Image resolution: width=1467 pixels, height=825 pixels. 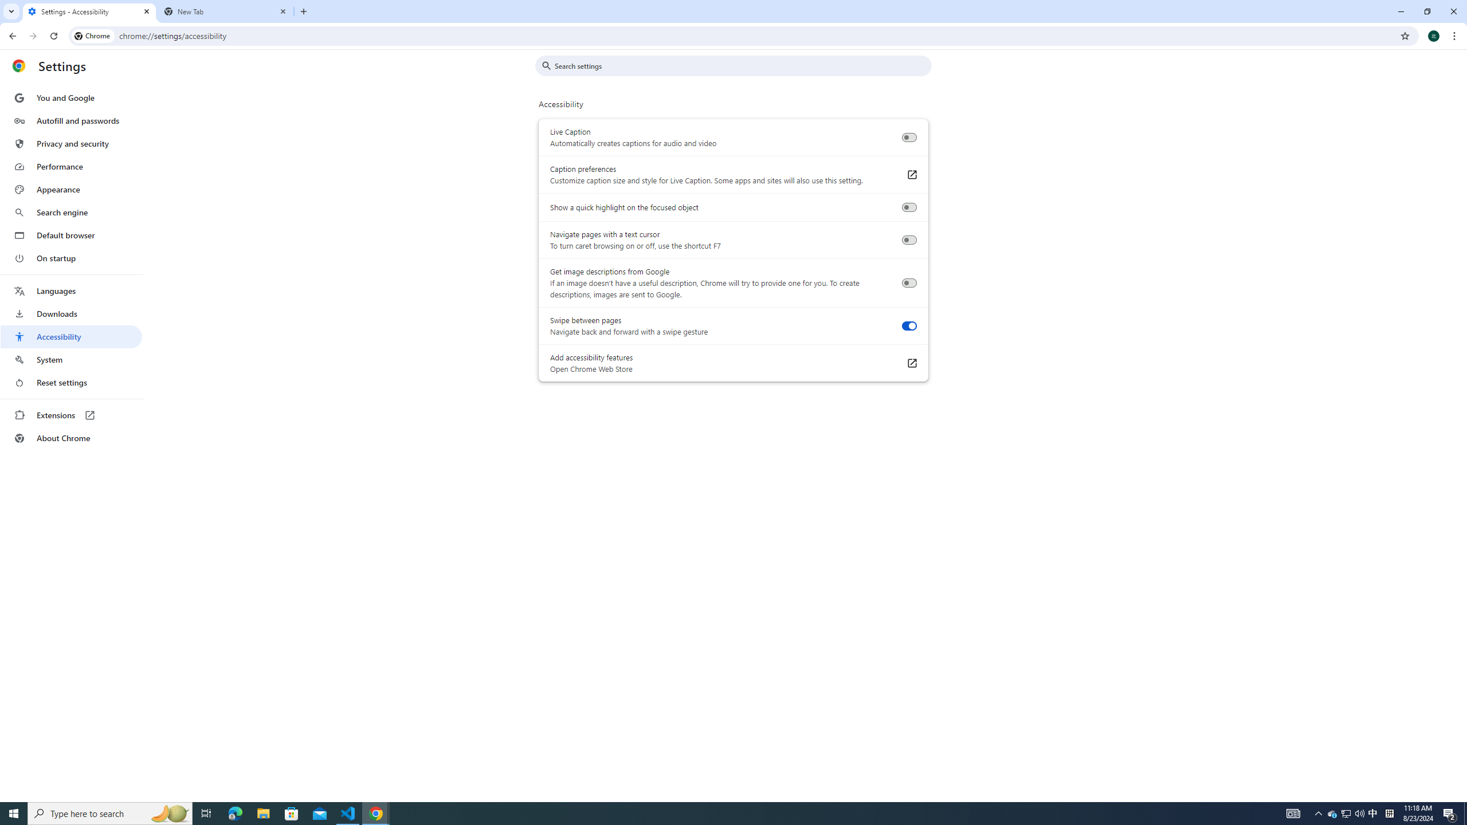 What do you see at coordinates (911, 363) in the screenshot?
I see `'Add accessibility features Open Chrome Web Store'` at bounding box center [911, 363].